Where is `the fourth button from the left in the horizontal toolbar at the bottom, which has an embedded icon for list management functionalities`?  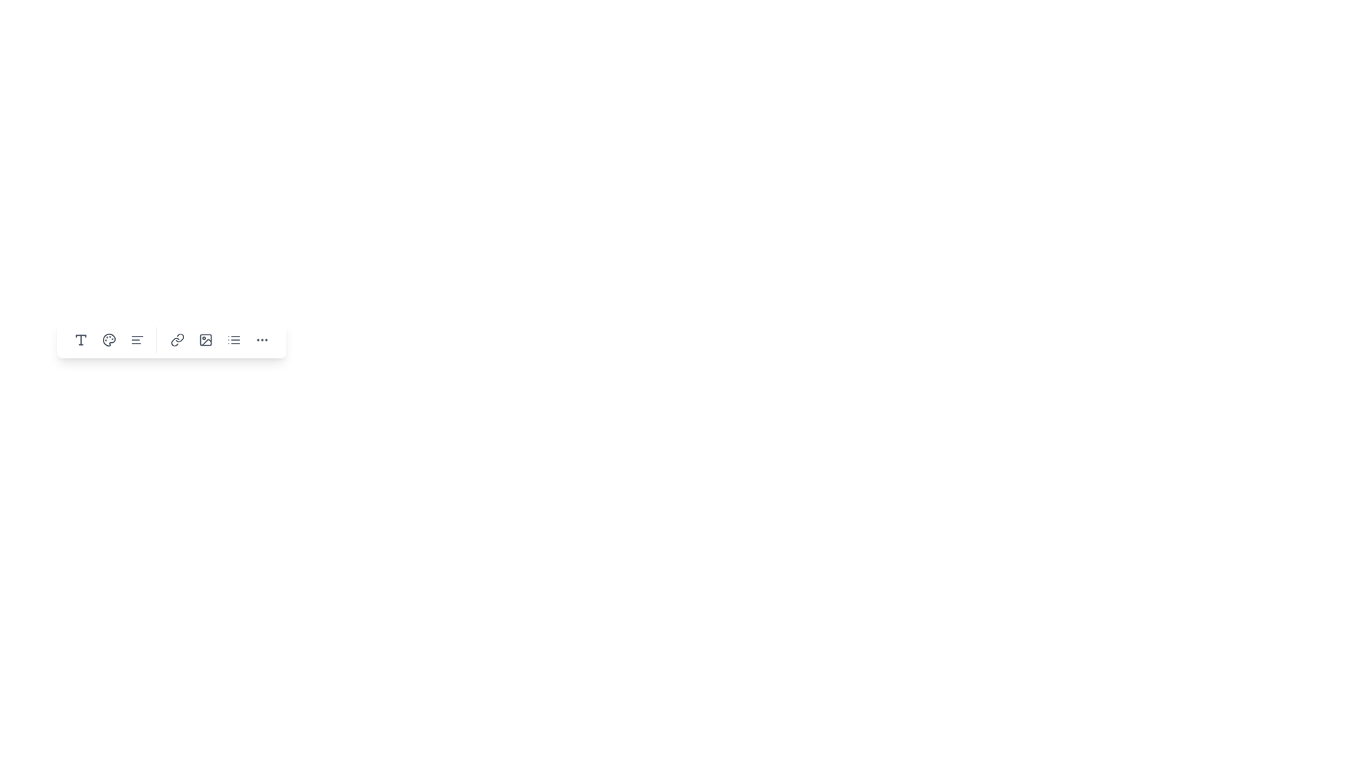 the fourth button from the left in the horizontal toolbar at the bottom, which has an embedded icon for list management functionalities is located at coordinates (233, 340).